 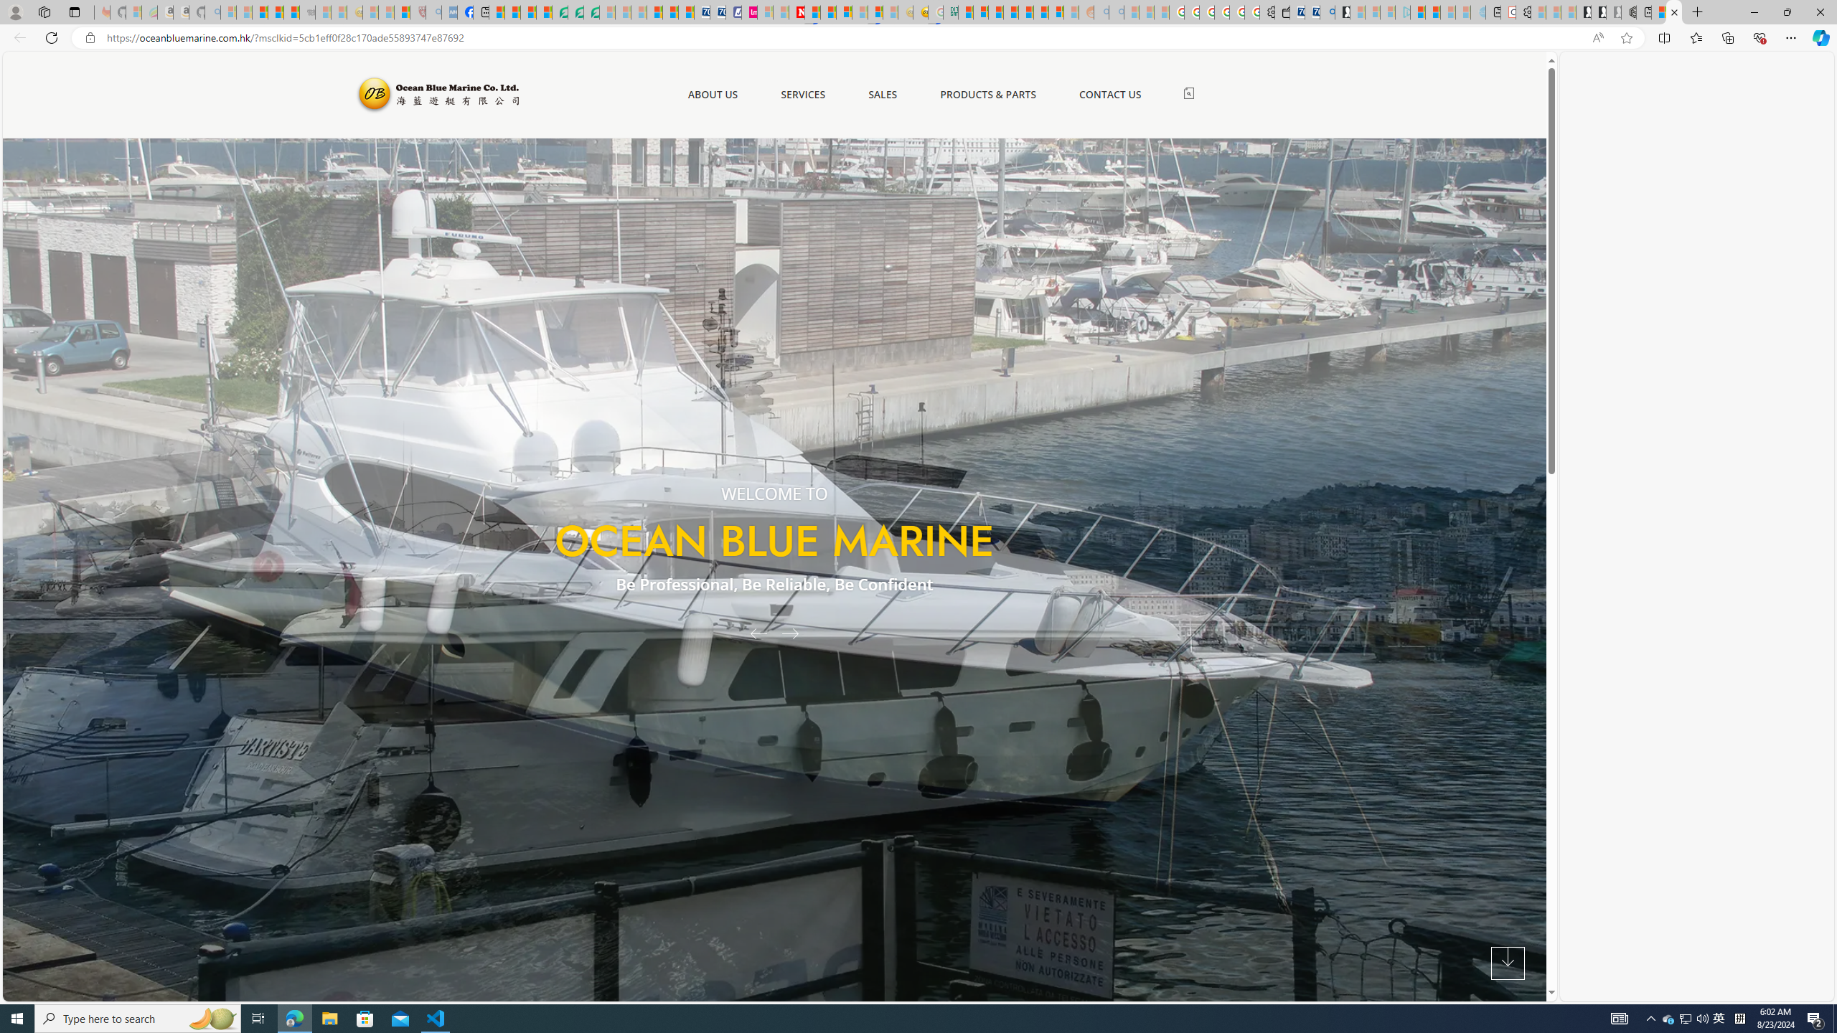 I want to click on 'Next Slide', so click(x=795, y=632).